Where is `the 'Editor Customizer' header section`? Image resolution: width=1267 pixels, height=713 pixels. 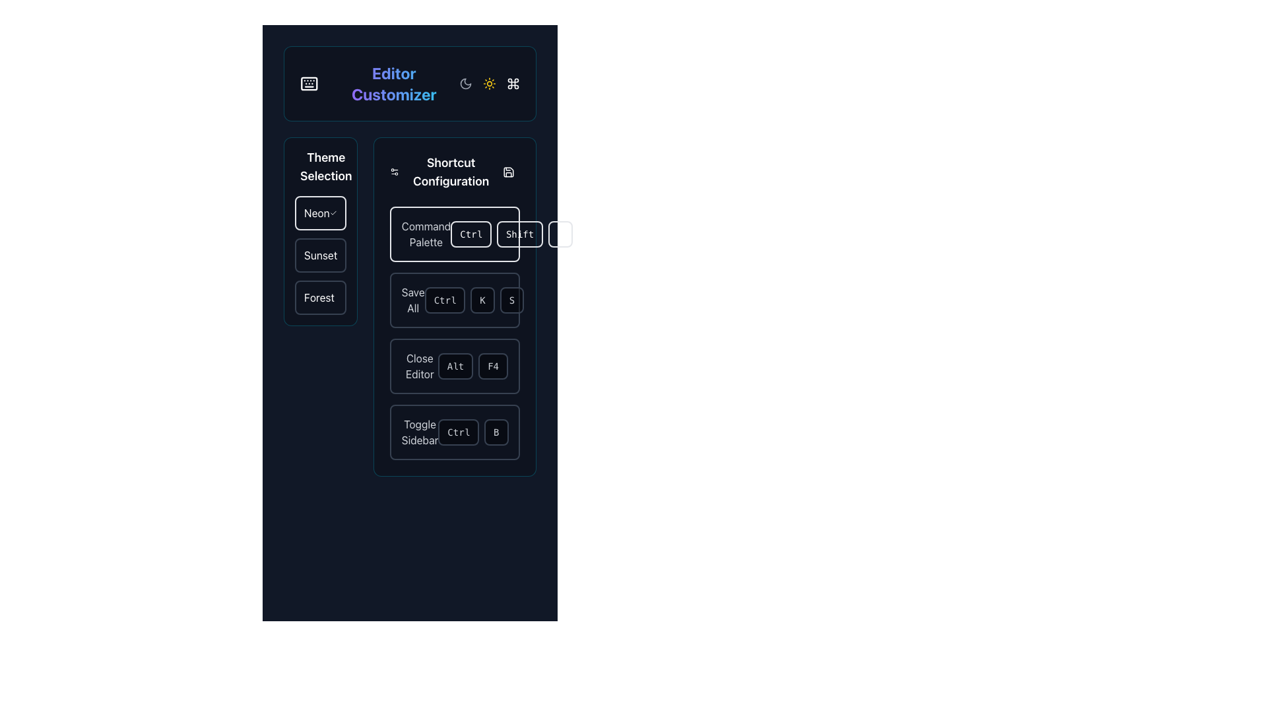
the 'Editor Customizer' header section is located at coordinates (409, 84).